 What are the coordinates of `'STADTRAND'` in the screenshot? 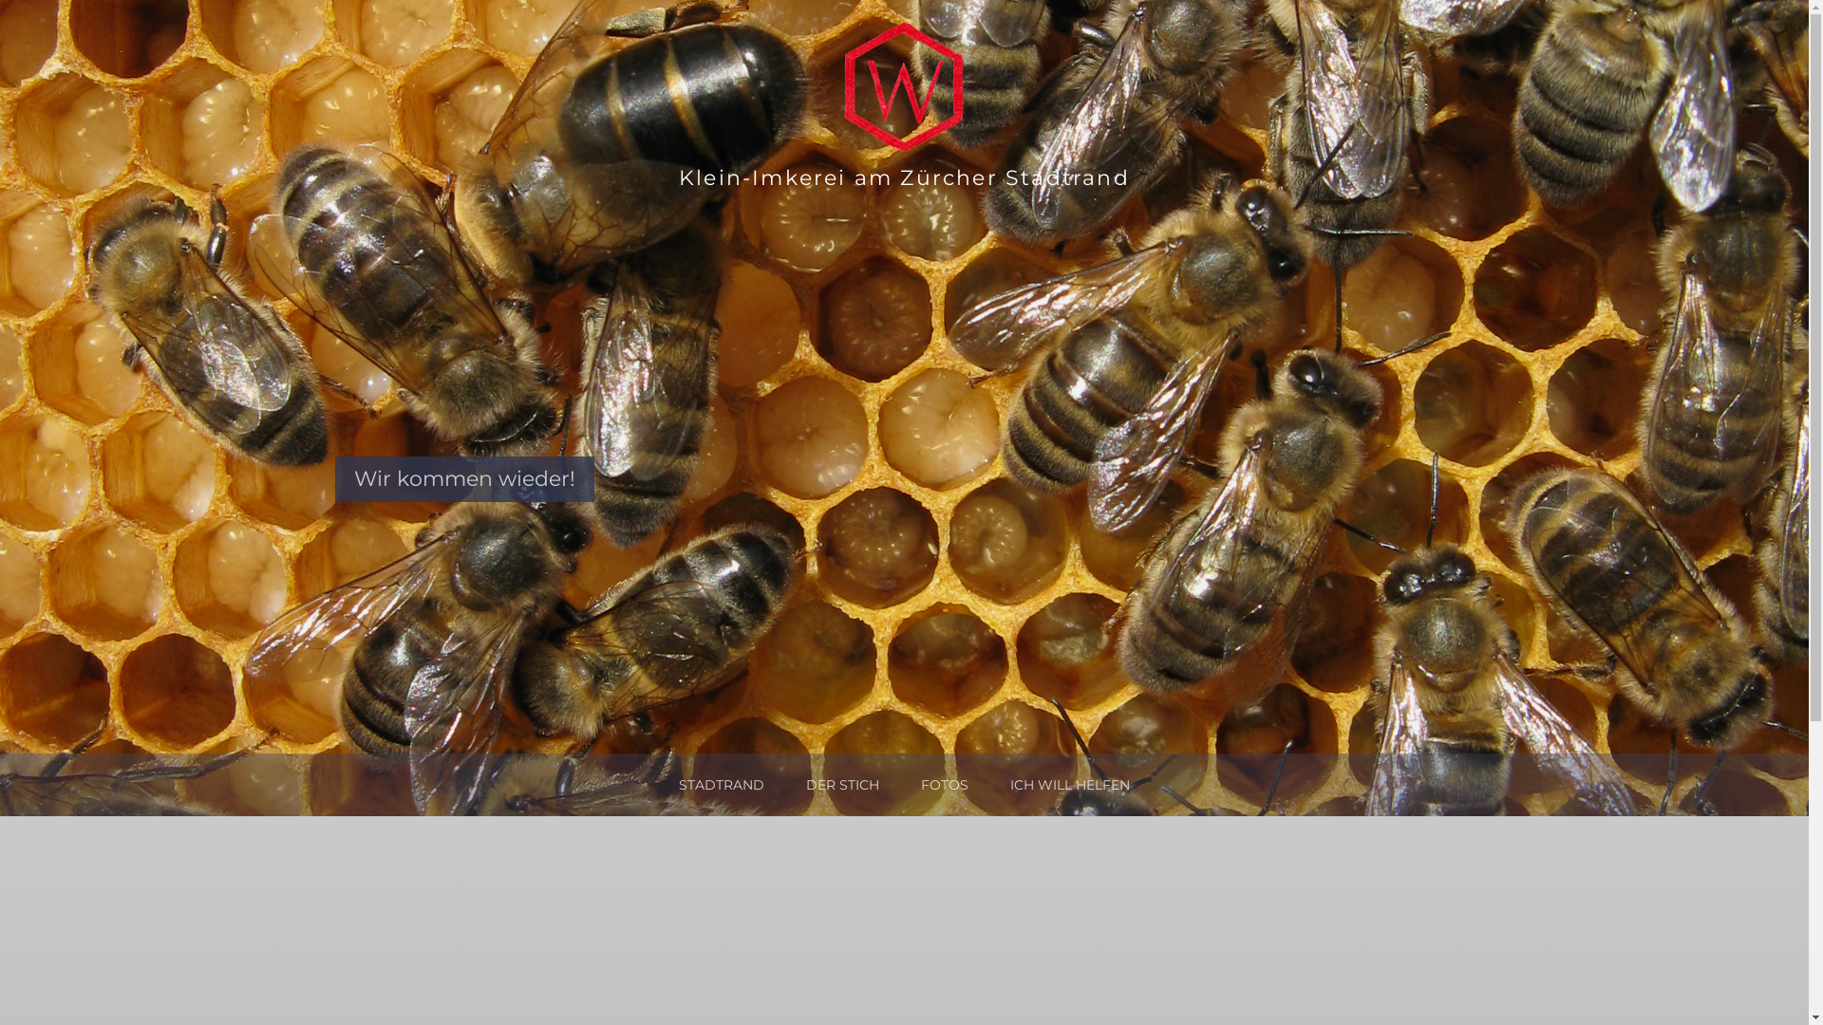 It's located at (720, 784).